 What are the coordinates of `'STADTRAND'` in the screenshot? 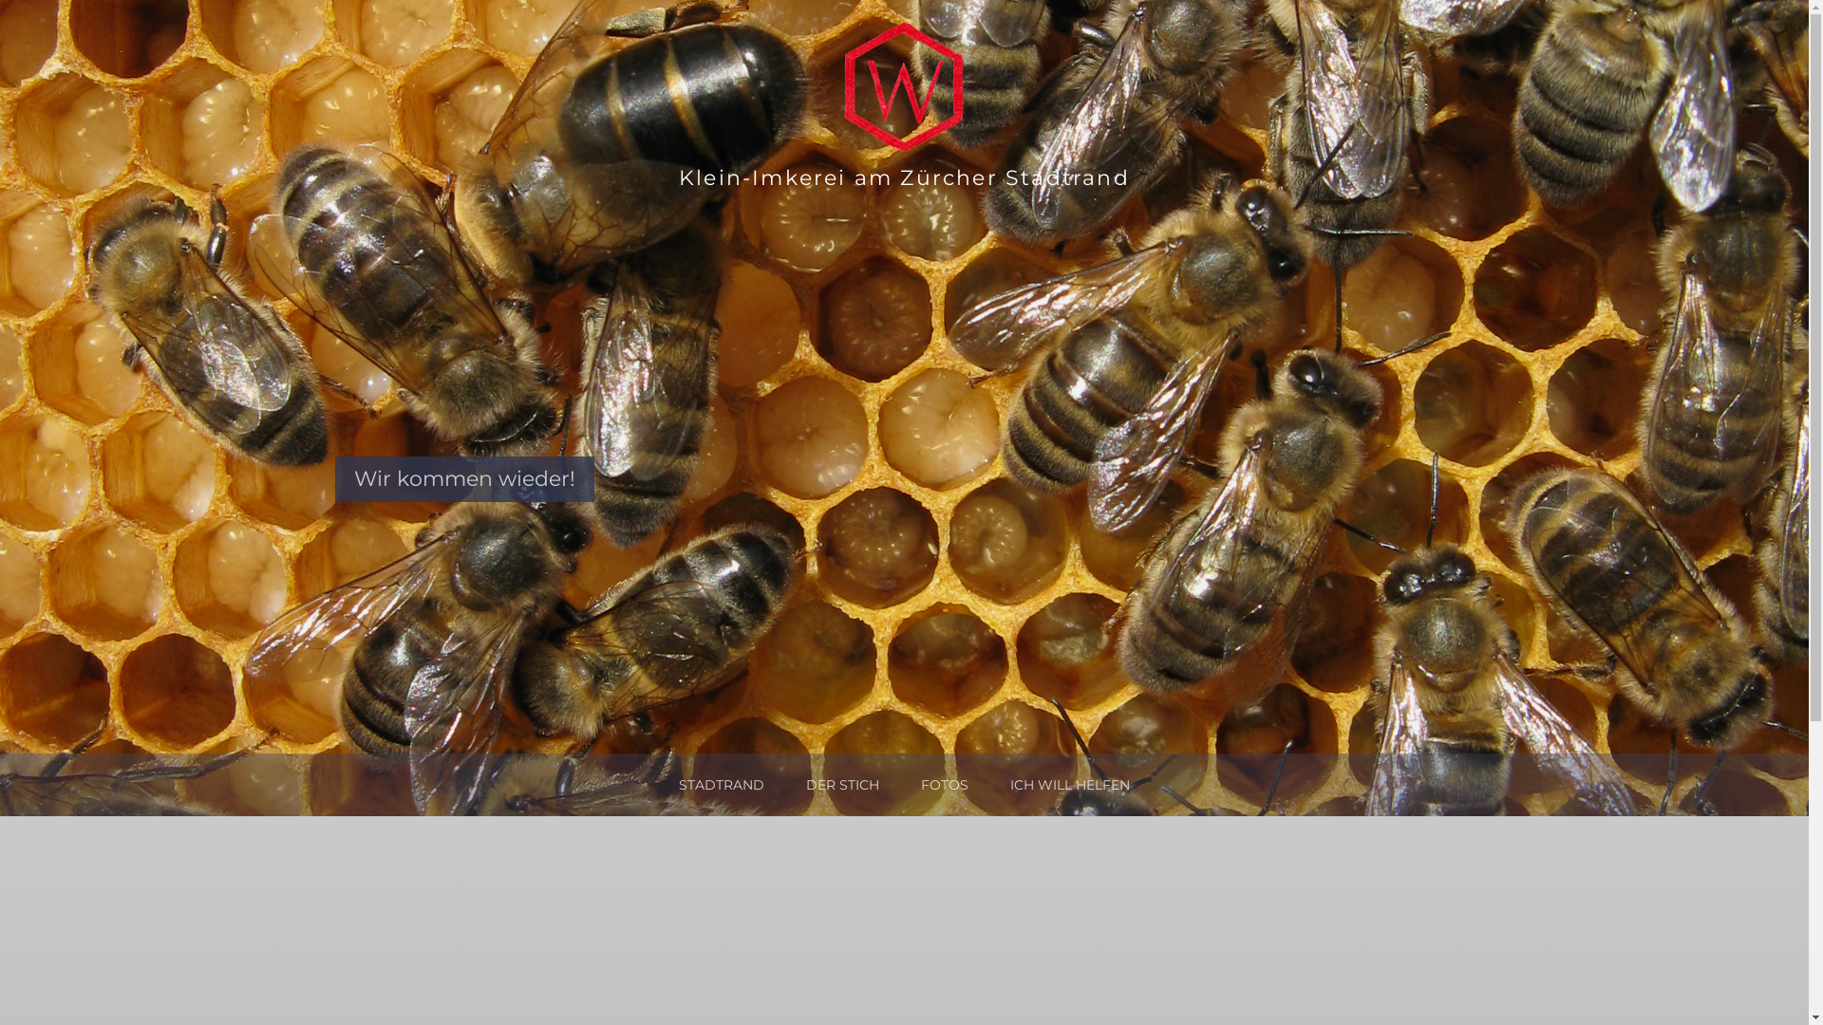 It's located at (720, 784).